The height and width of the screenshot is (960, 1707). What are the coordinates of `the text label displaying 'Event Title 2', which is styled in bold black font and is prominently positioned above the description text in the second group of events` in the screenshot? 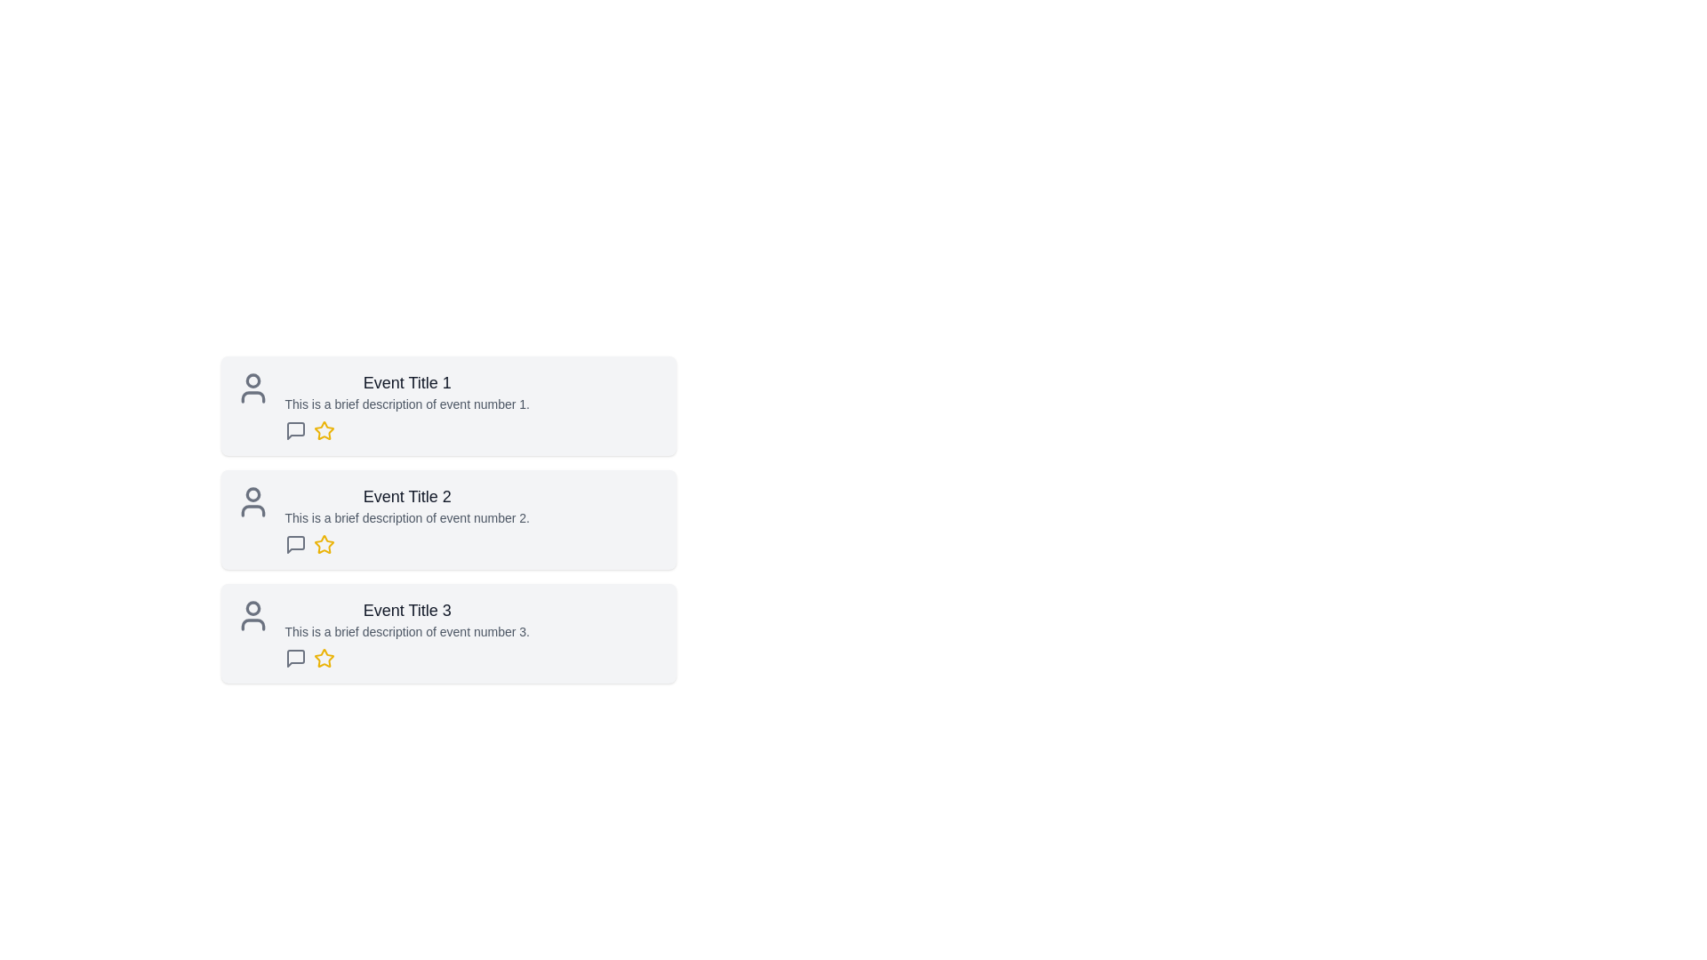 It's located at (406, 497).